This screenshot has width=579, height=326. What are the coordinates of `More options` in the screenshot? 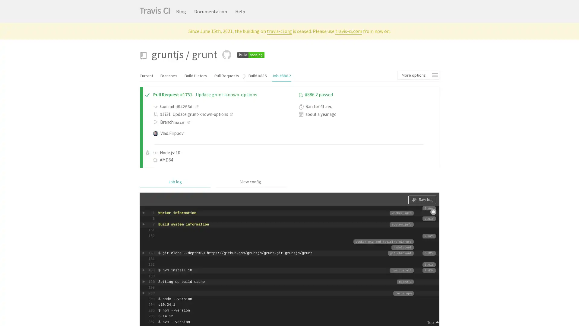 It's located at (418, 74).